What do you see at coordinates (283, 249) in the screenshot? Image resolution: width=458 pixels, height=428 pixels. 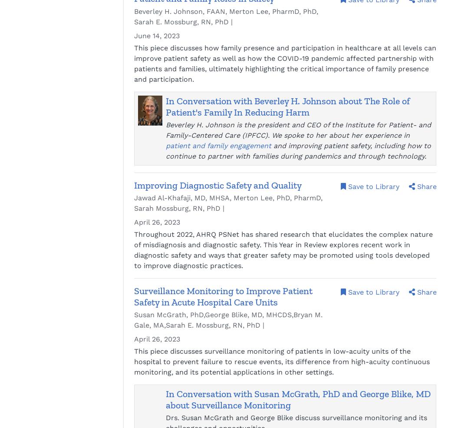 I see `'Throughout 2022, AHRQ PSNet has shared research that elucidates the complex nature of misdiagnosis and diagnostic safety. This Year in Review explores recent work in diagnostic safety and ways that greater safety may be promoted using tools developed to improve diagnostic practices.'` at bounding box center [283, 249].